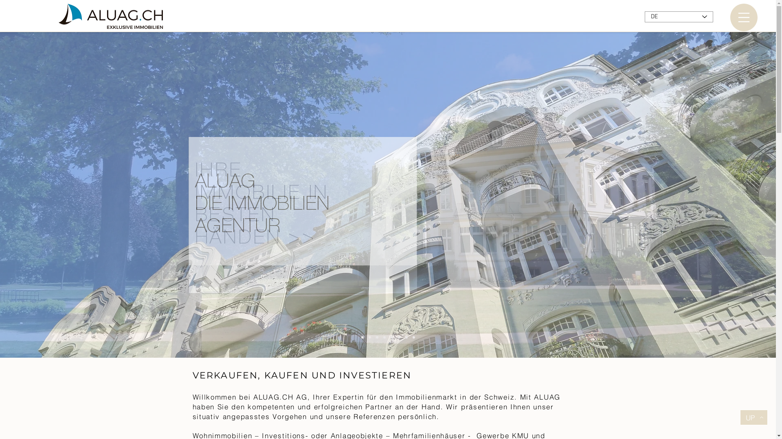 This screenshot has width=782, height=439. I want to click on 'UP', so click(740, 417).